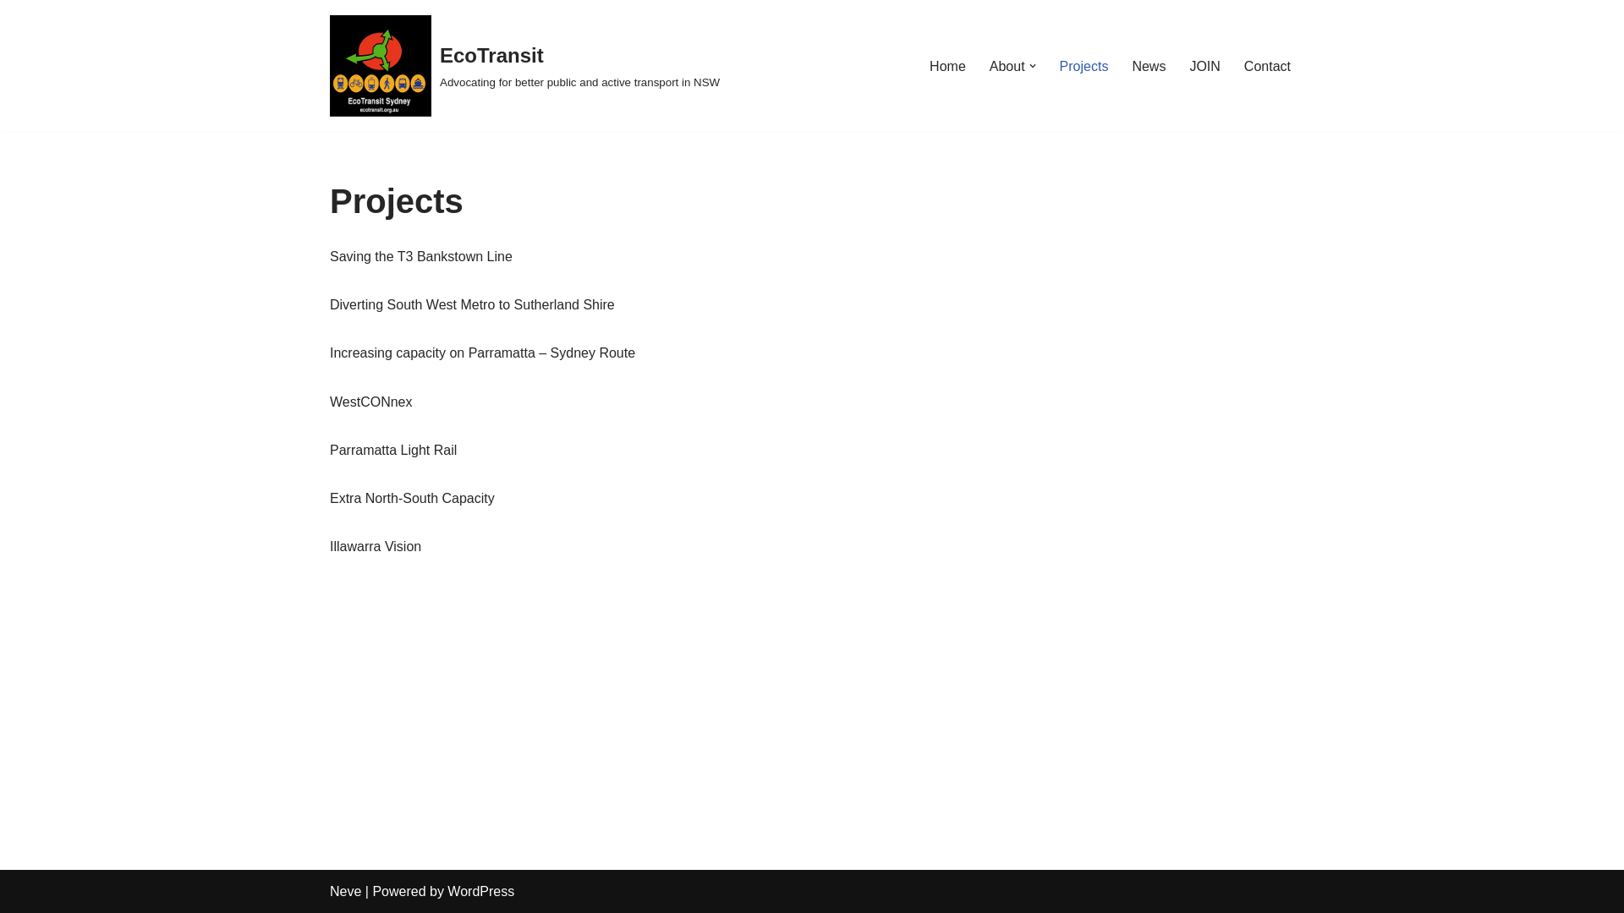 Image resolution: width=1624 pixels, height=913 pixels. I want to click on 'Projects', so click(1084, 65).